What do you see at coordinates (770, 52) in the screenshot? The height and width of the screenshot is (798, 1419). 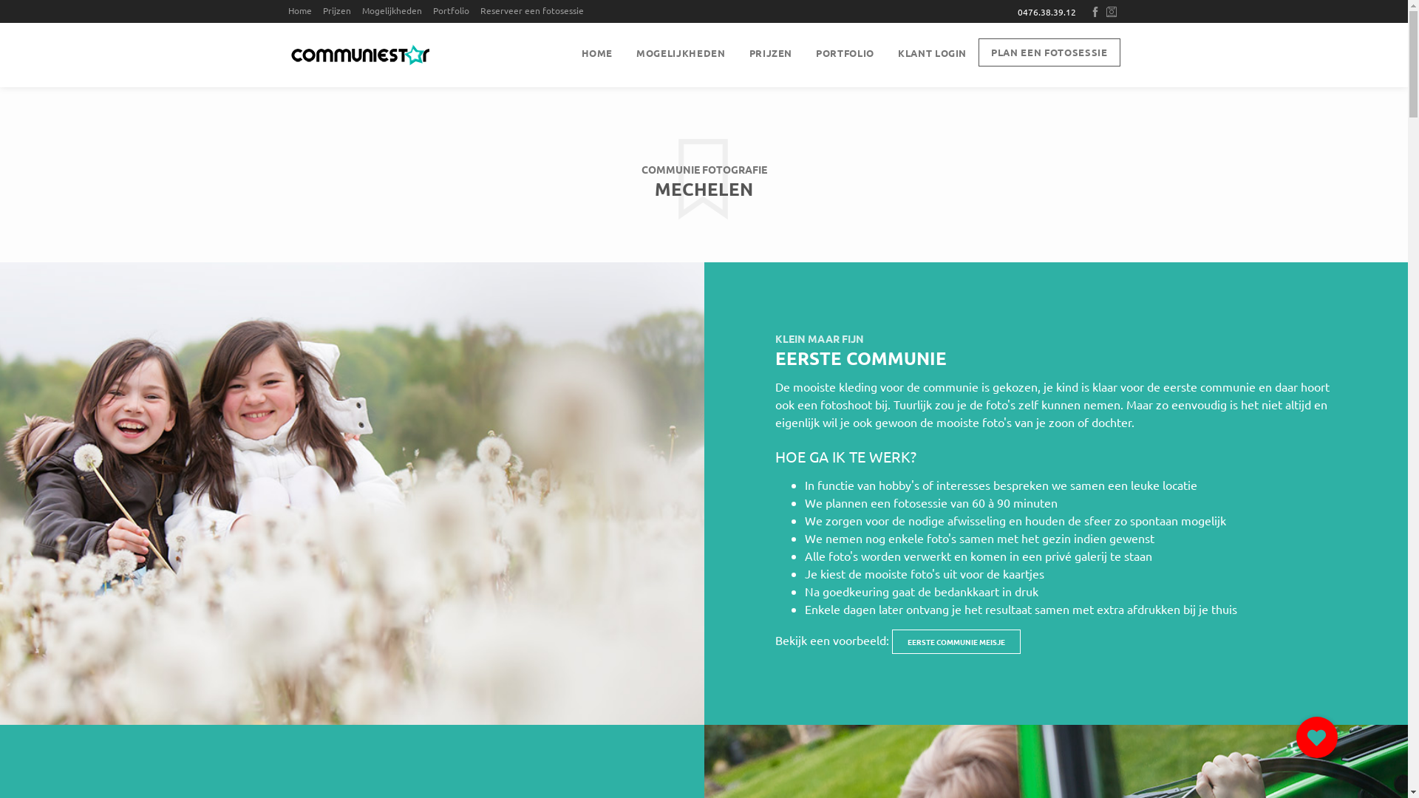 I see `'PRIJZEN'` at bounding box center [770, 52].